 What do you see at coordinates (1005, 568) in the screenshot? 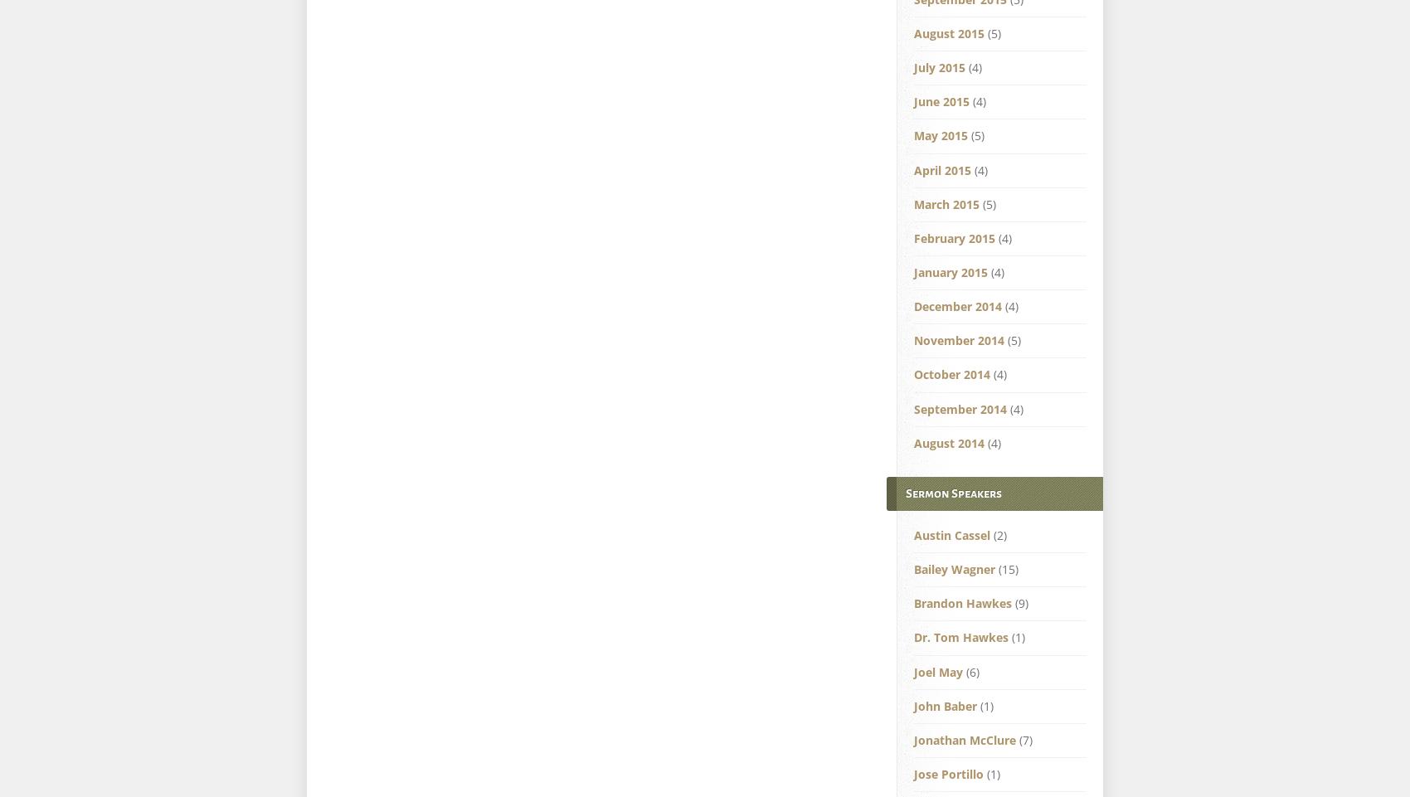
I see `'(15)'` at bounding box center [1005, 568].